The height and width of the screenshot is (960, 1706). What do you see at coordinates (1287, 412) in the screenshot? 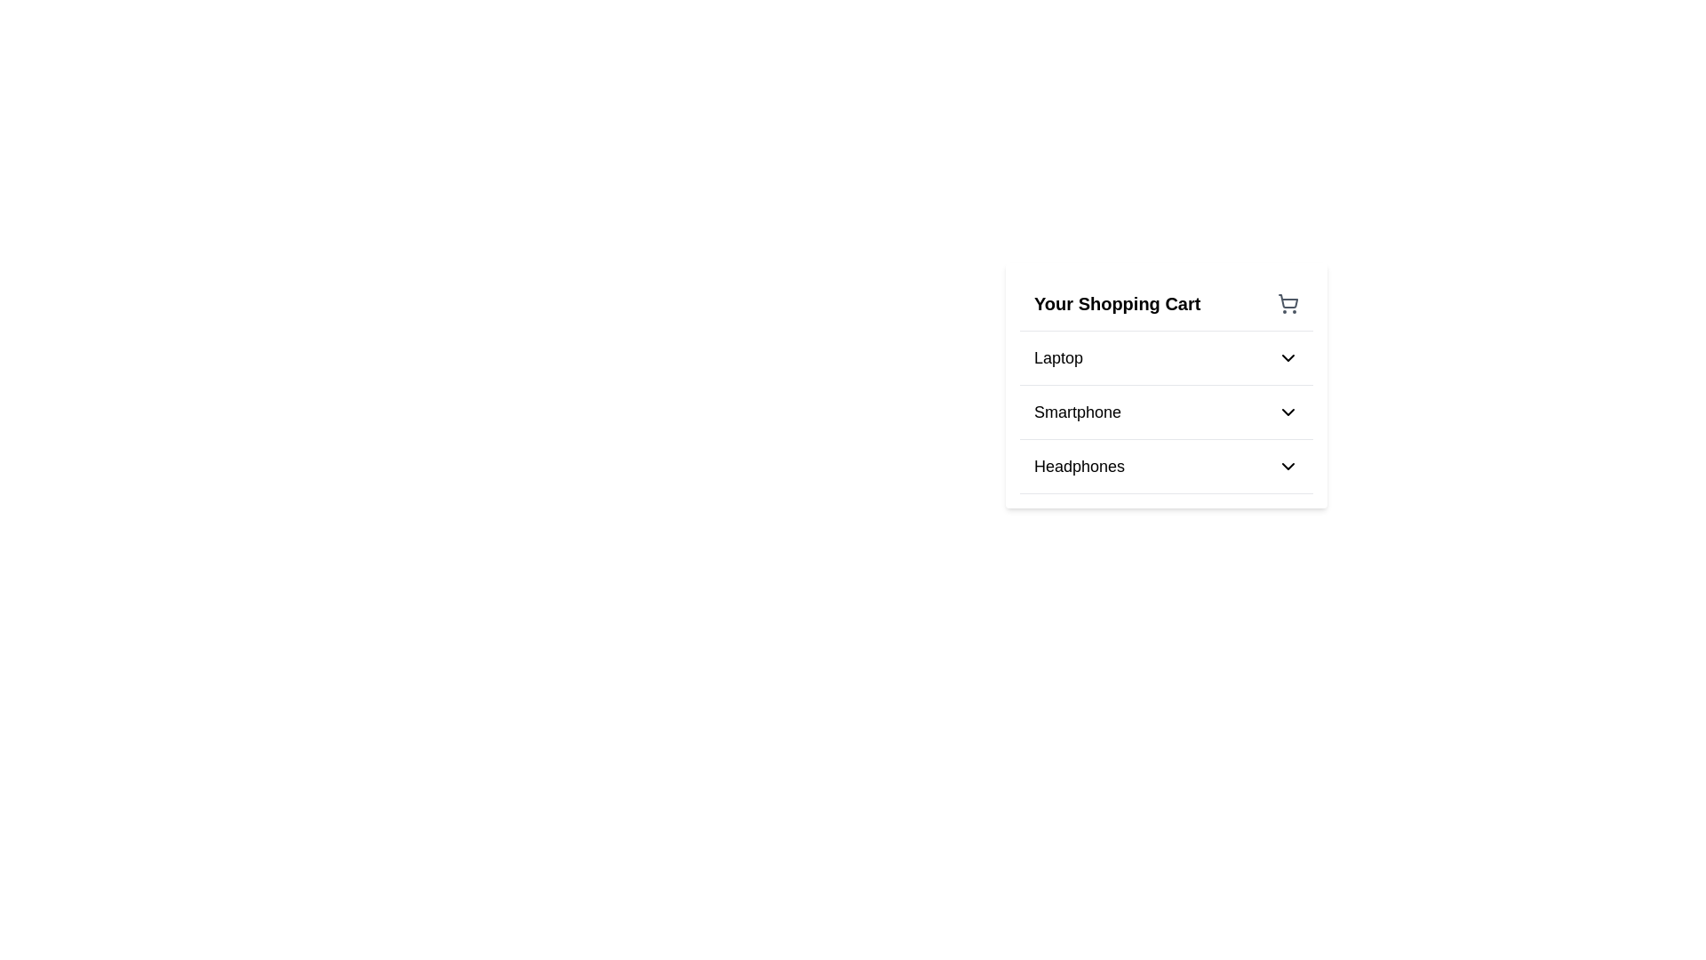
I see `the small downward-facing chevron icon located on the rightmost side of the 'Smartphone' row` at bounding box center [1287, 412].